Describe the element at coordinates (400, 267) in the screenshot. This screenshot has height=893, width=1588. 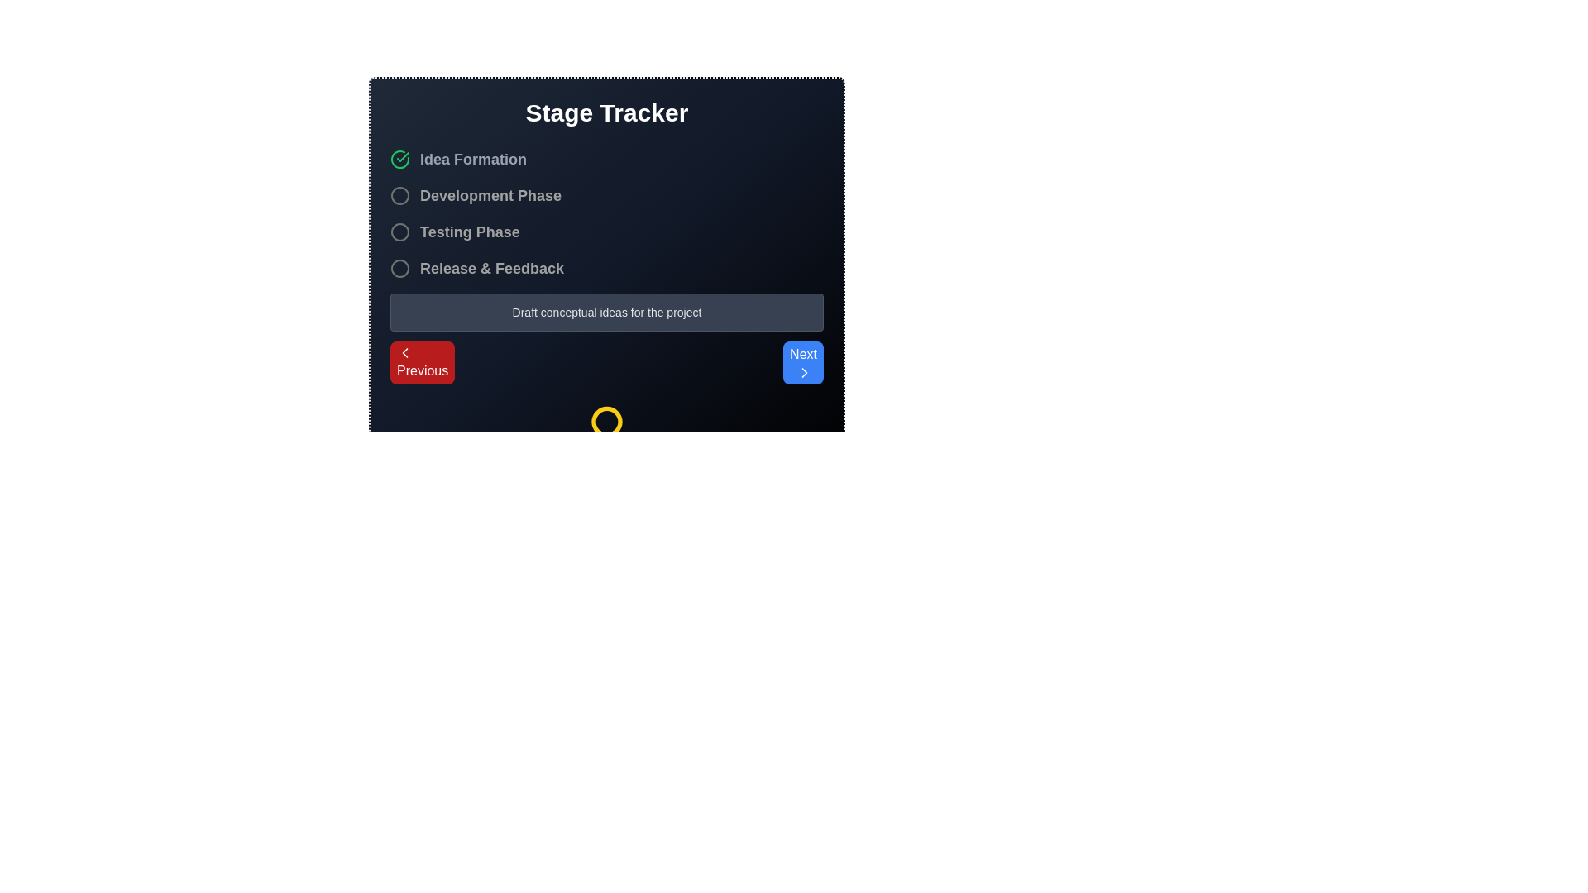
I see `the medium-sized gray circular radio button located to the left of the text 'Release & Feedback' to potentially reveal a tooltip` at that location.